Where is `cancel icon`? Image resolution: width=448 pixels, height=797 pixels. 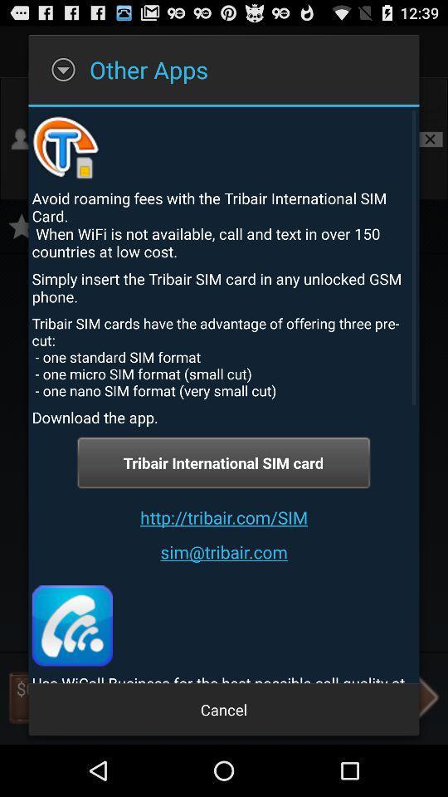
cancel icon is located at coordinates (224, 708).